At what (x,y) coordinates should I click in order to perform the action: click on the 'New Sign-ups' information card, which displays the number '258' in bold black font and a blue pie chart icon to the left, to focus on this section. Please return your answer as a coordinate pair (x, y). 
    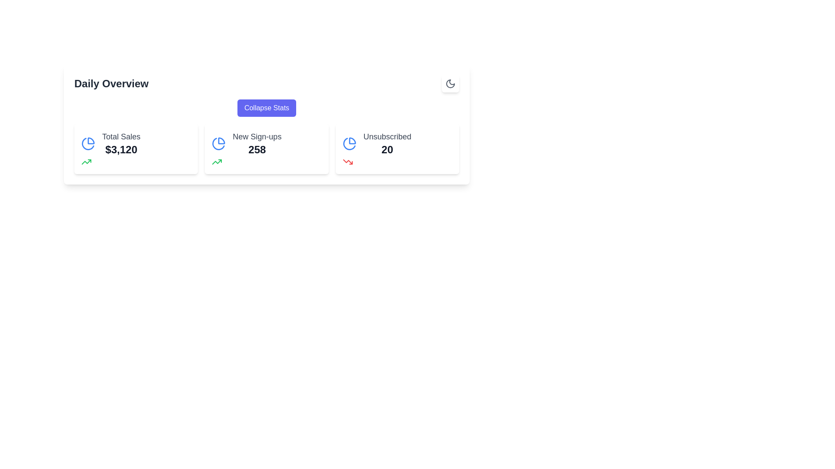
    Looking at the image, I should click on (266, 143).